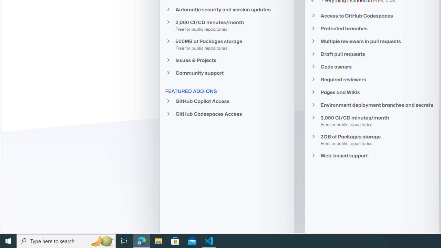 The width and height of the screenshot is (441, 248). What do you see at coordinates (371, 120) in the screenshot?
I see `'3,000 CI/CD minutes/monthFree for public repositories'` at bounding box center [371, 120].